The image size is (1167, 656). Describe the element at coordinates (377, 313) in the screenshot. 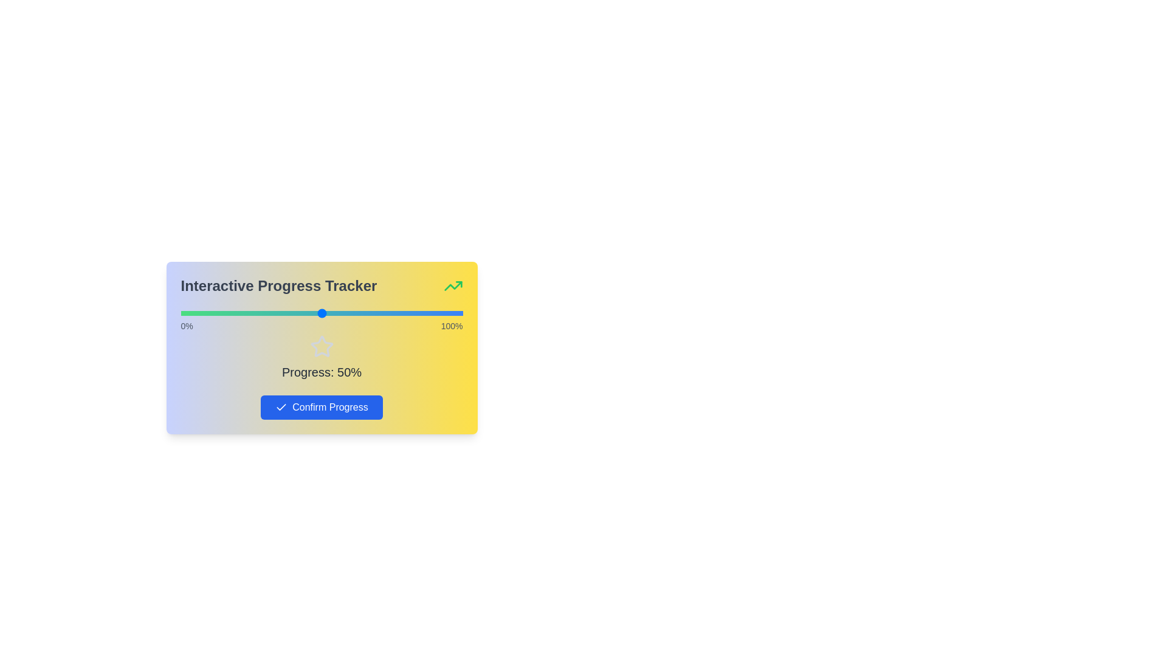

I see `the progress slider to 70%` at that location.